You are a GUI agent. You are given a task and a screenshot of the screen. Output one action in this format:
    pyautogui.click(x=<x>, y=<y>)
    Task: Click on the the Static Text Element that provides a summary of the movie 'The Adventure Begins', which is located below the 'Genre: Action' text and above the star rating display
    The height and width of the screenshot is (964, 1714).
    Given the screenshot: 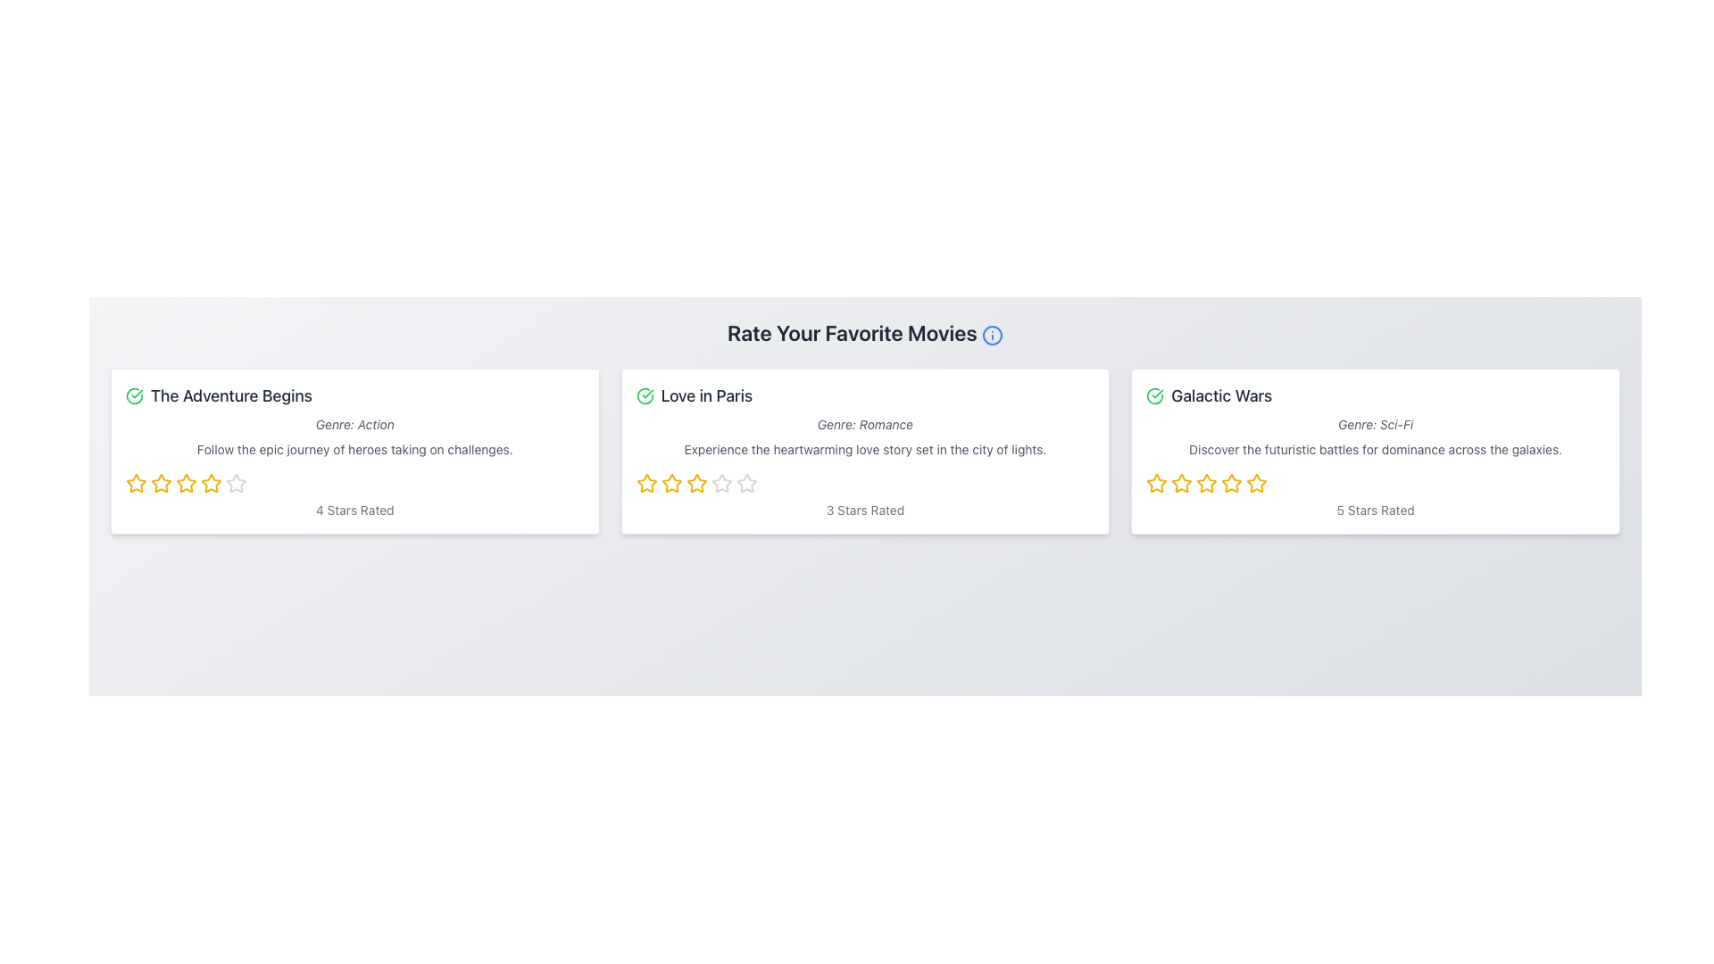 What is the action you would take?
    pyautogui.click(x=354, y=449)
    